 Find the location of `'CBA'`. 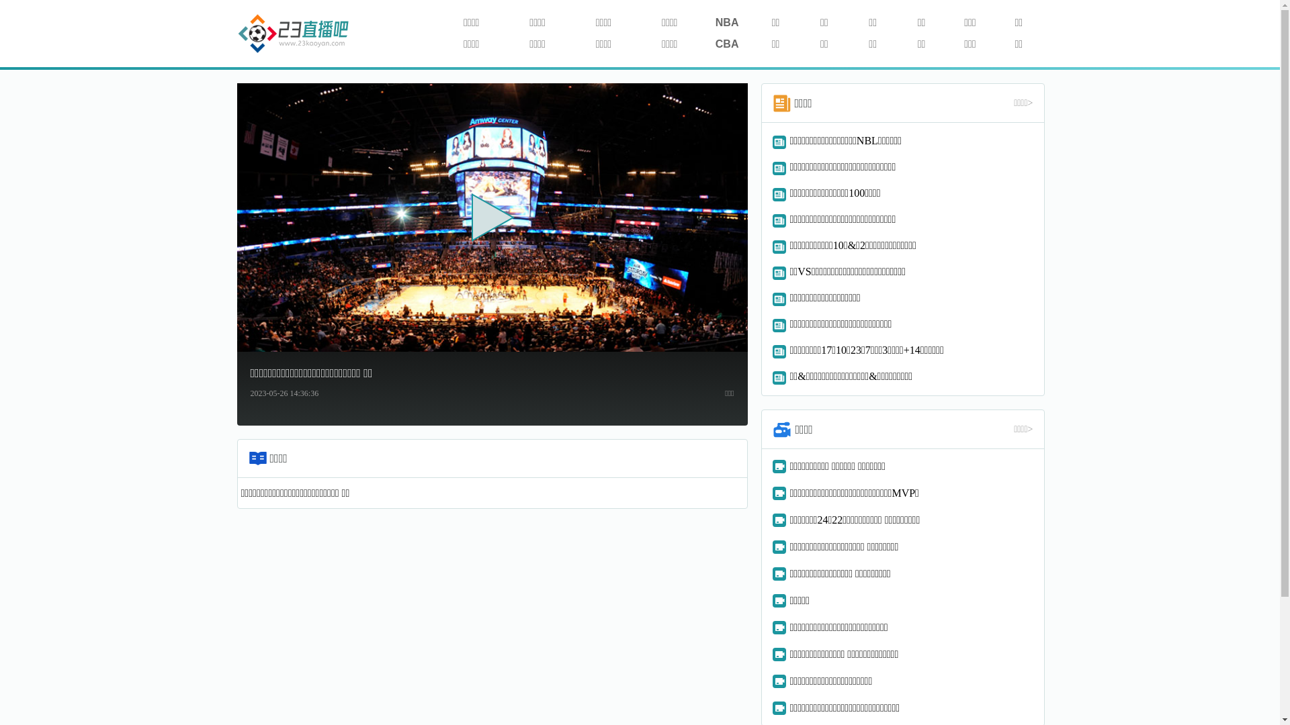

'CBA' is located at coordinates (726, 43).